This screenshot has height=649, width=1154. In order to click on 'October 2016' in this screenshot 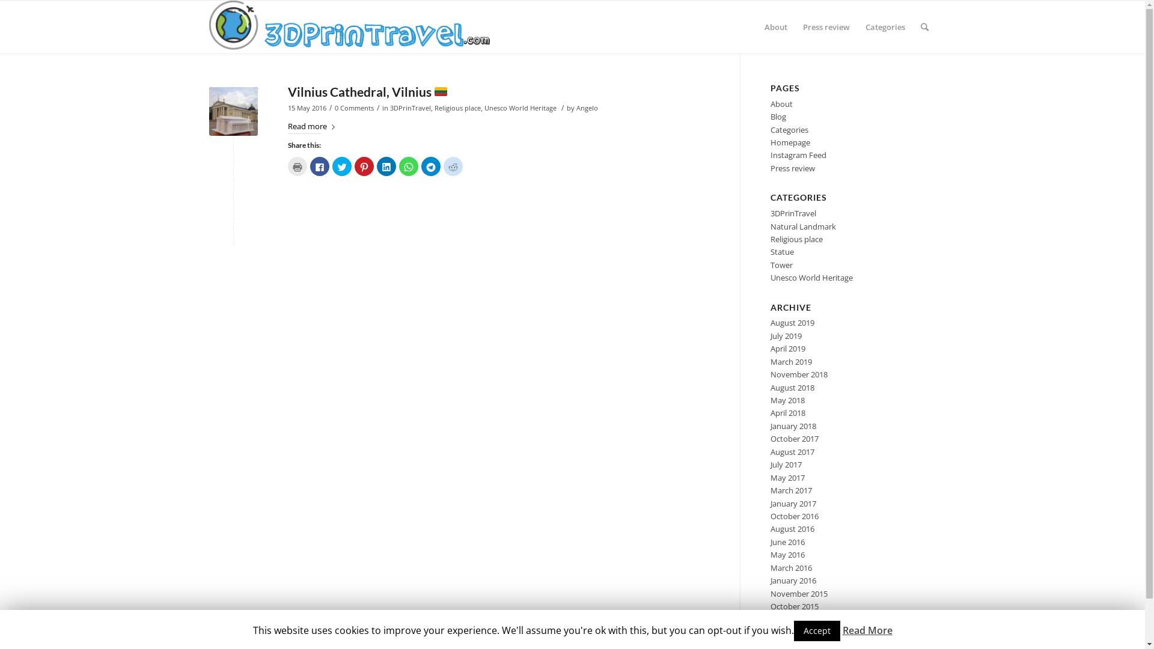, I will do `click(794, 516)`.